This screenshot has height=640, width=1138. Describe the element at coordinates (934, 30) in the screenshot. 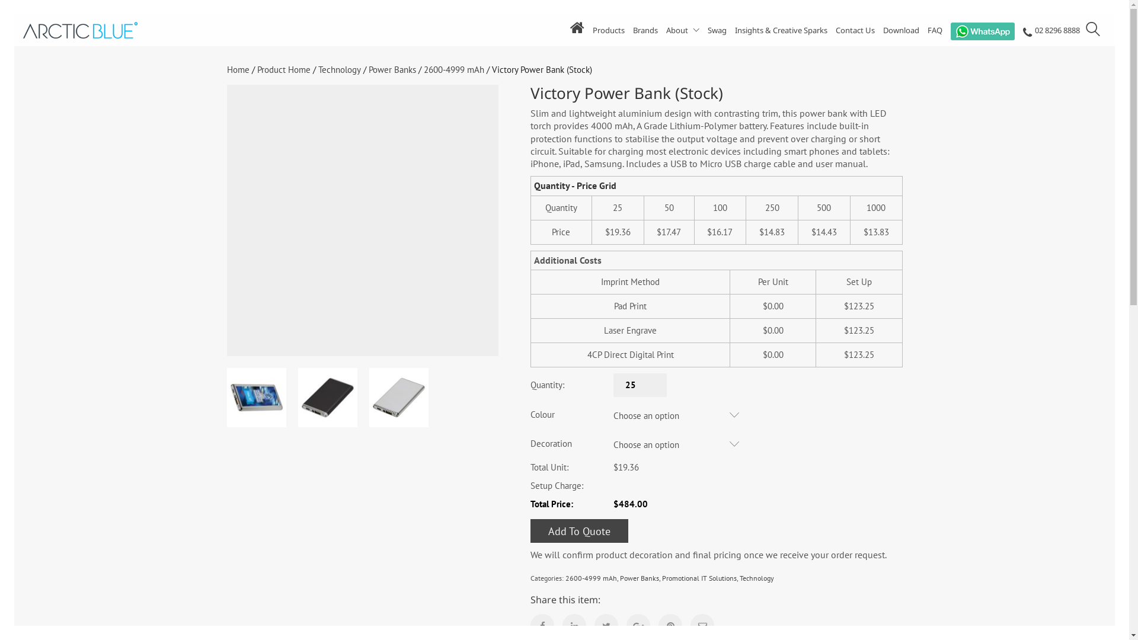

I see `'FAQ'` at that location.